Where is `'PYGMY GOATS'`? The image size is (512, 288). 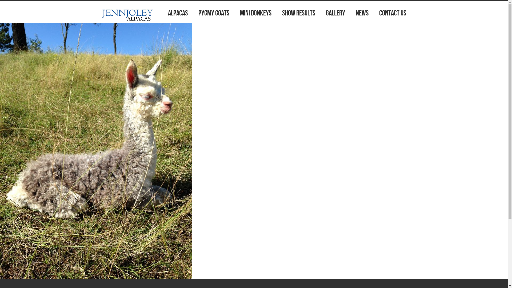
'PYGMY GOATS' is located at coordinates (214, 13).